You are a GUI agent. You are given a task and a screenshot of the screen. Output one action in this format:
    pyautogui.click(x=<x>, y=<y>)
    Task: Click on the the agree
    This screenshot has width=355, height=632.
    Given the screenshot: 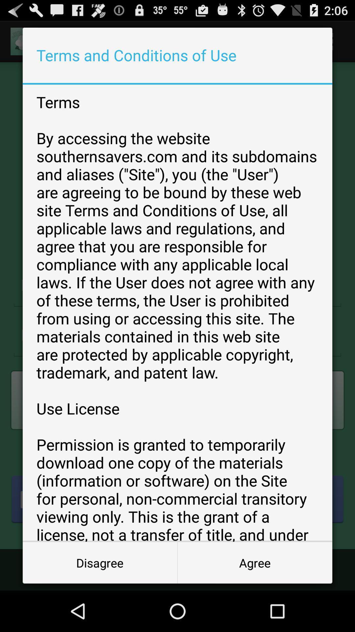 What is the action you would take?
    pyautogui.click(x=254, y=562)
    